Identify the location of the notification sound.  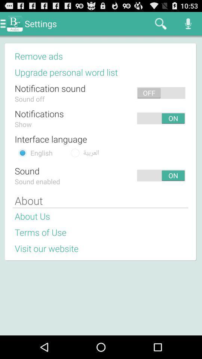
(50, 88).